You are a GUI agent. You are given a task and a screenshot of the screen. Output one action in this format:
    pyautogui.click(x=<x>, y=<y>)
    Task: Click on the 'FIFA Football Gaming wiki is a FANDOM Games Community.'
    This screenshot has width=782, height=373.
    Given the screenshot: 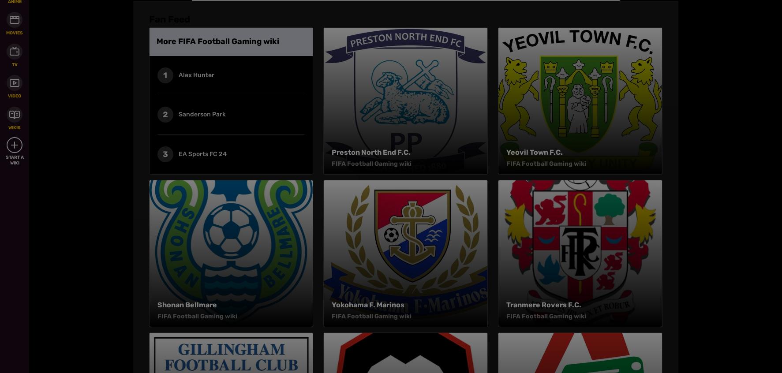 What is the action you would take?
    pyautogui.click(x=405, y=122)
    